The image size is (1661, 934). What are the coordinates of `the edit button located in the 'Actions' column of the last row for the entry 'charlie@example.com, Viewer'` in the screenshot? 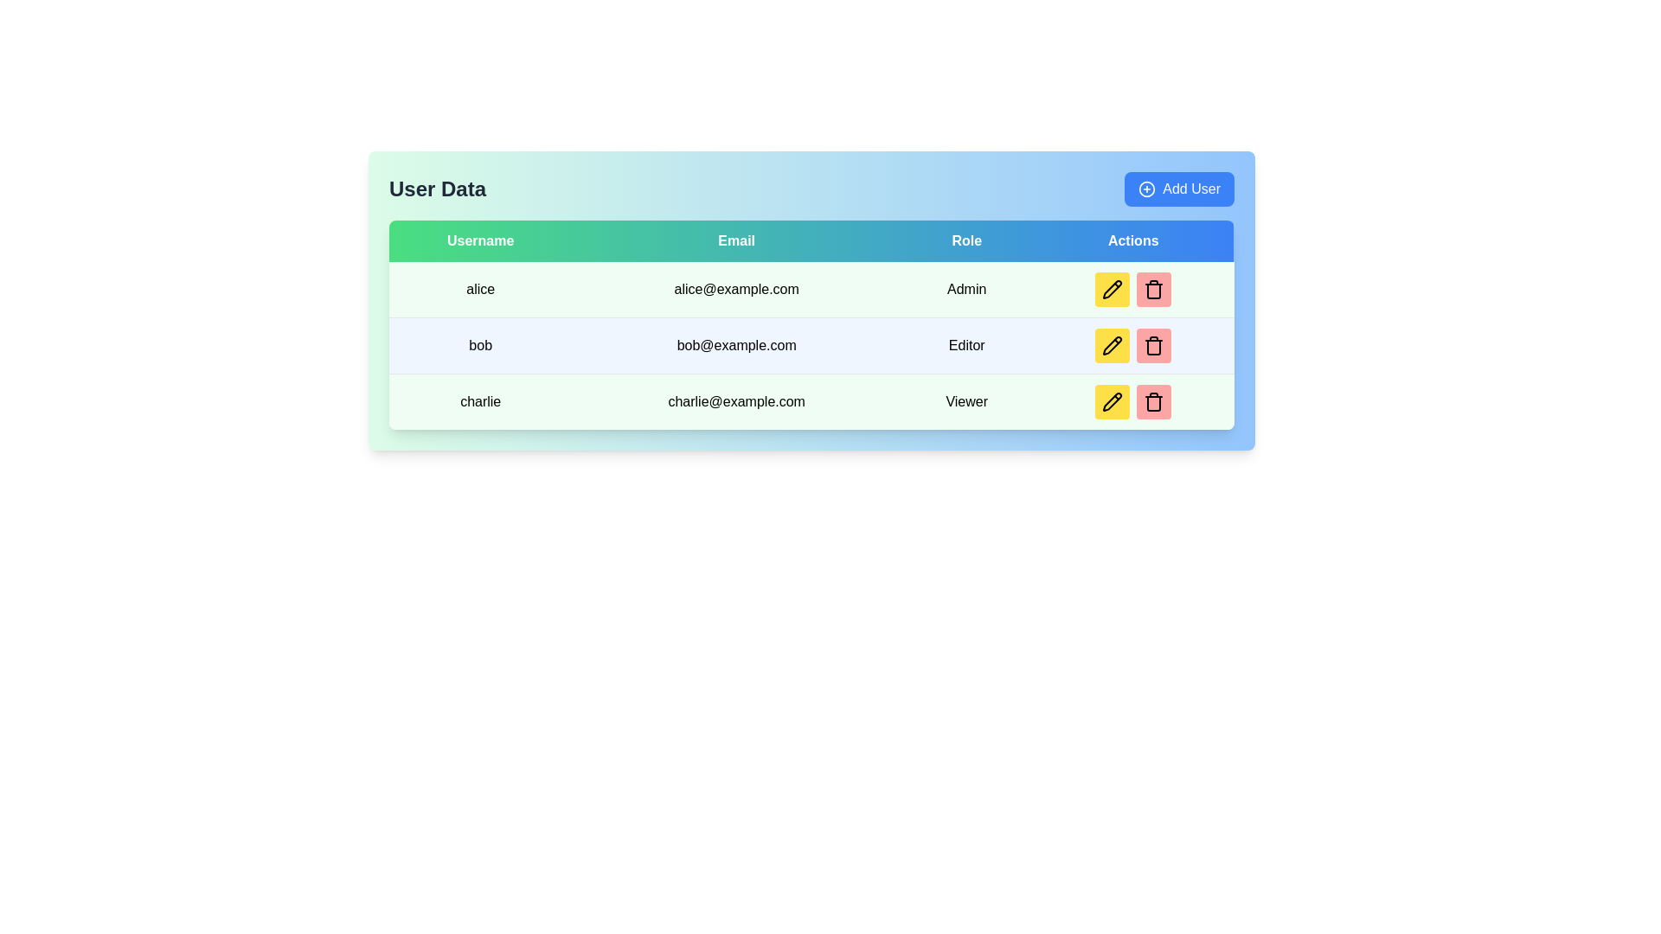 It's located at (1113, 402).